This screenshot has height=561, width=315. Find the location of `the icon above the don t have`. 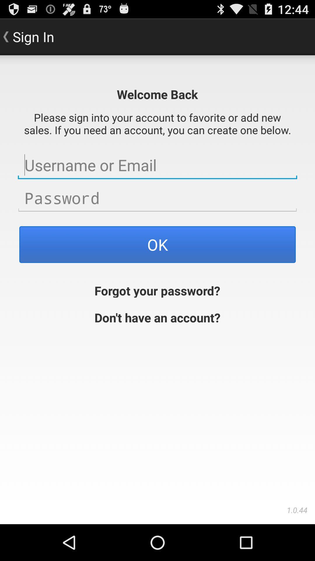

the icon above the don t have is located at coordinates (157, 290).